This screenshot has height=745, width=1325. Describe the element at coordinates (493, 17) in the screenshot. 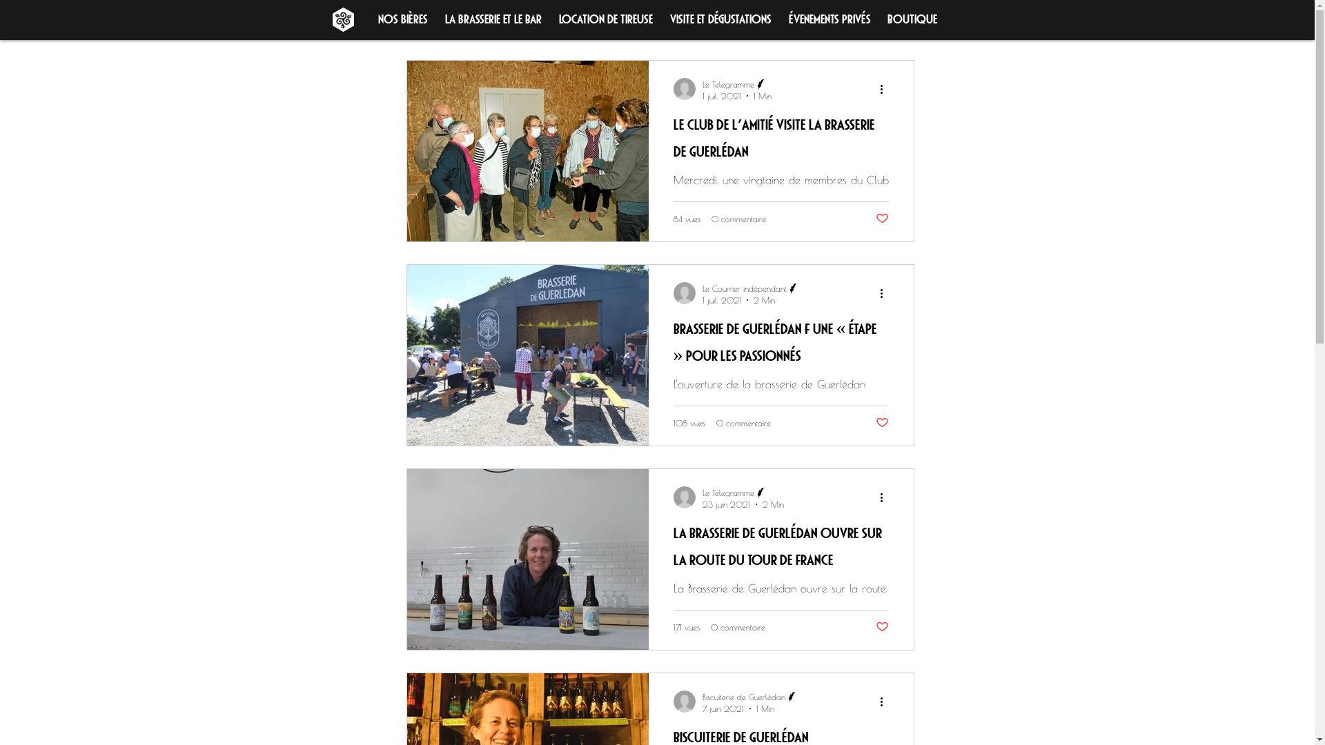

I see `'La brasserie et le Bar'` at that location.